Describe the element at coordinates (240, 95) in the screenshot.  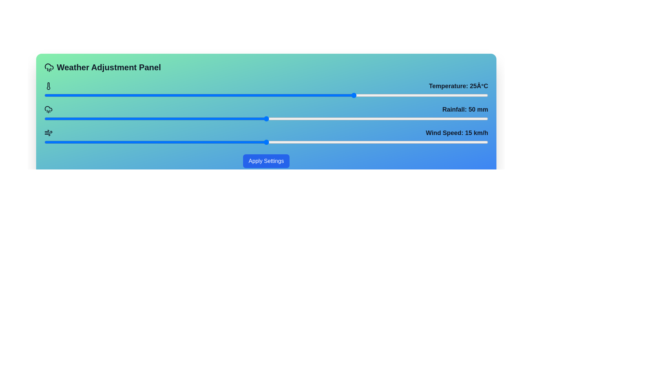
I see `the temperature slider` at that location.